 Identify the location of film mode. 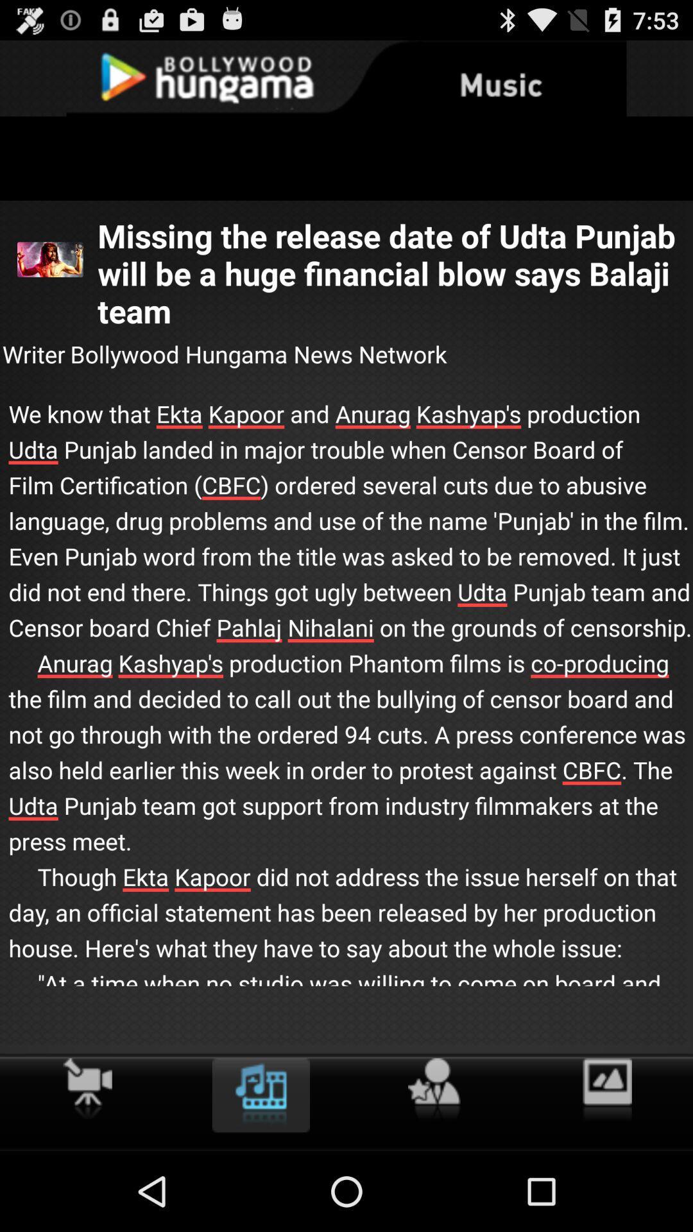
(87, 1088).